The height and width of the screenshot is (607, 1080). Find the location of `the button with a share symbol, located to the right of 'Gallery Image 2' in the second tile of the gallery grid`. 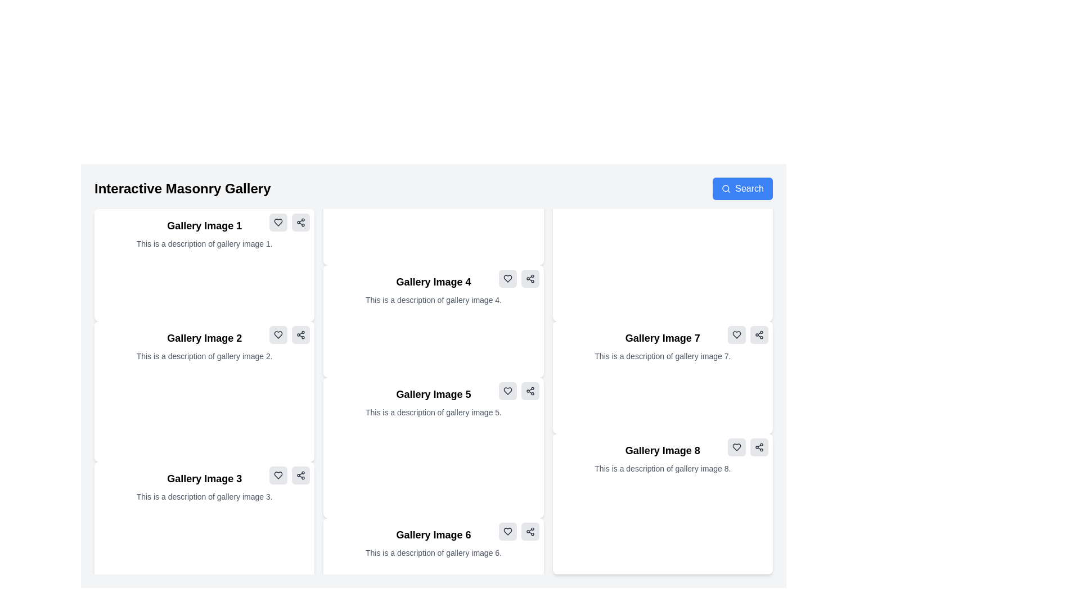

the button with a share symbol, located to the right of 'Gallery Image 2' in the second tile of the gallery grid is located at coordinates (301, 334).